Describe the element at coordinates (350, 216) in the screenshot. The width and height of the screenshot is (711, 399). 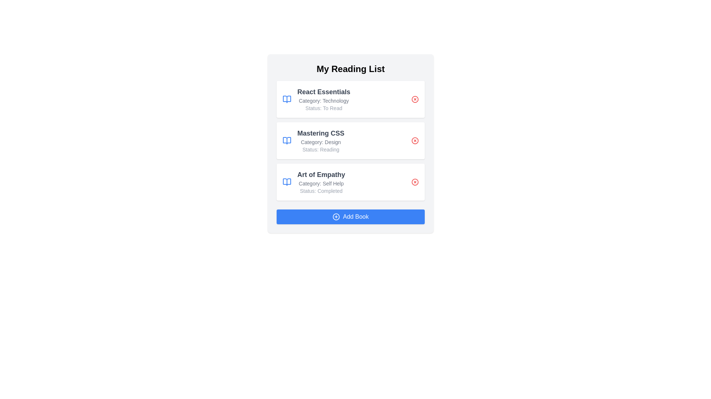
I see `the 'Add Book' button to add a new book to the list` at that location.